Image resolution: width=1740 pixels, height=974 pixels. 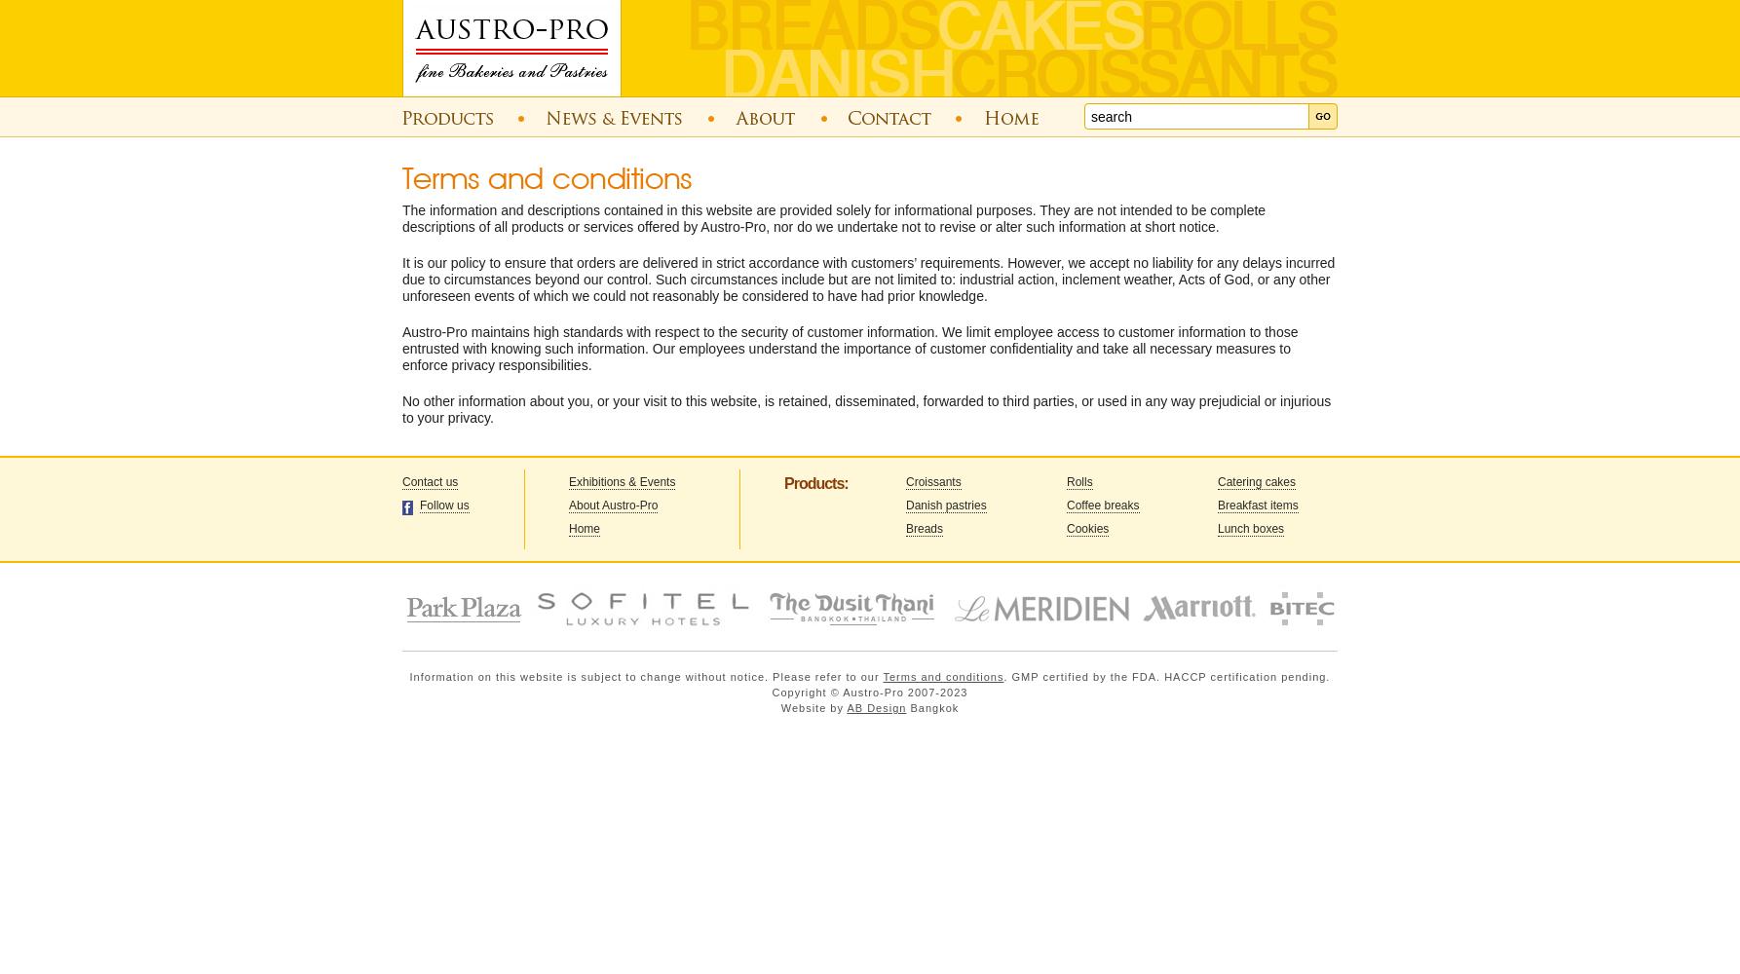 What do you see at coordinates (865, 409) in the screenshot?
I see `'No other information about you, or your visit to this website, is retained, disseminated, forwarded to third parties, or used in any way prejudicial or injurious to your privacy.'` at bounding box center [865, 409].